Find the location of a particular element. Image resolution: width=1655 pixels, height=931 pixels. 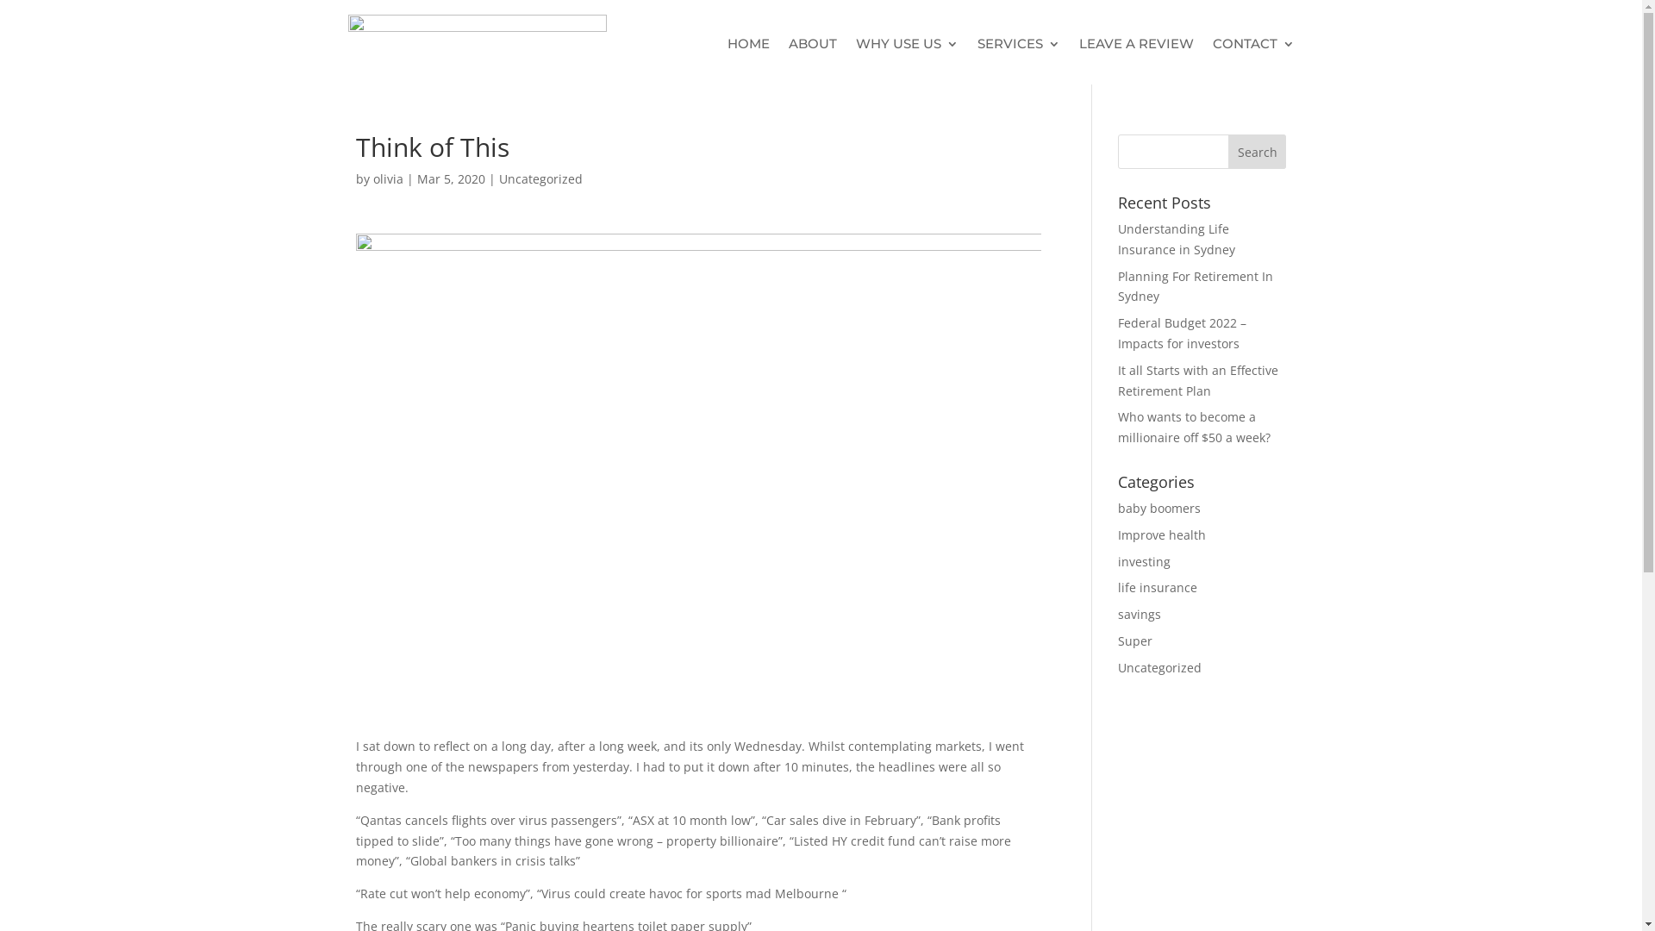

'It all Starts with an Effective Retirement Plan' is located at coordinates (1197, 379).